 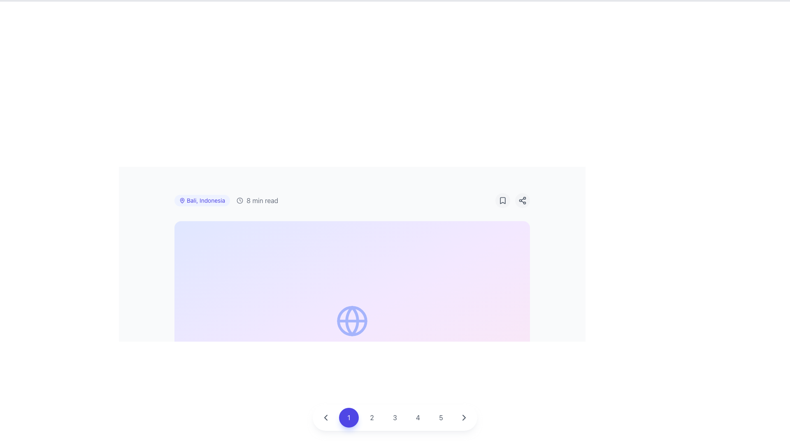 What do you see at coordinates (522, 201) in the screenshot?
I see `the share icon, which is a minimalistic design of three interconnected circles forming a triangular arrangement located within a rounded light-gray button in the top-right section of the UI` at bounding box center [522, 201].